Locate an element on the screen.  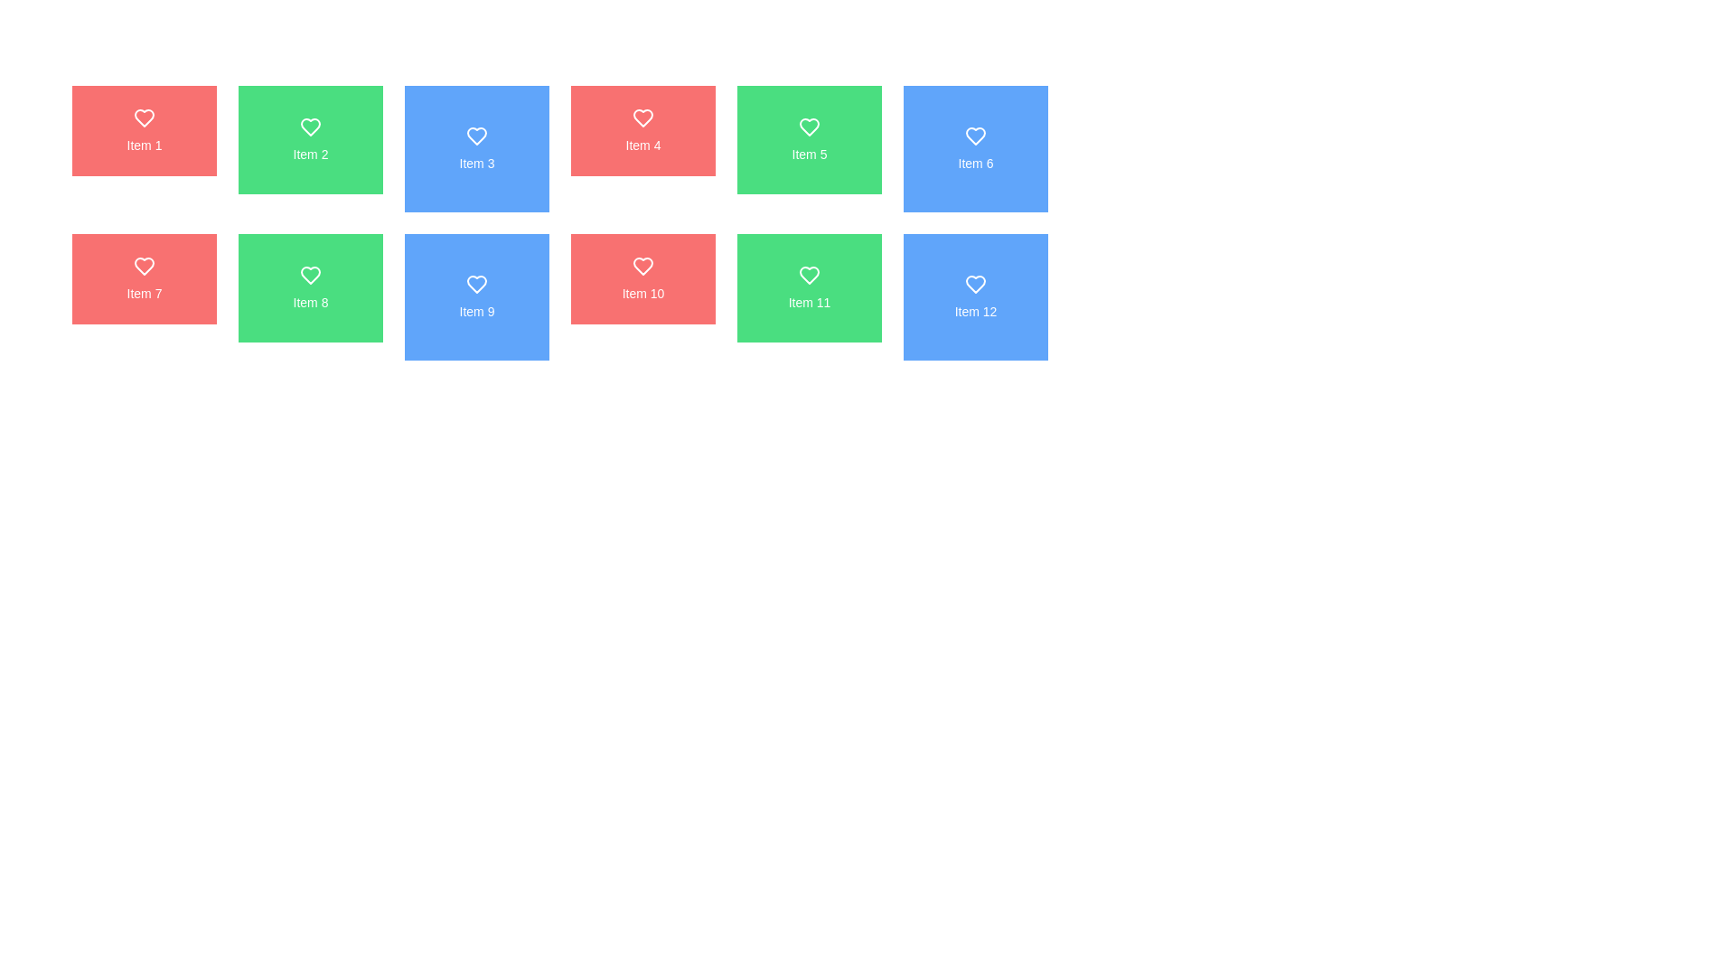
the text label displaying 'Item 10' which is styled in small white font on a bold red background, located in the second row and second column of the grid is located at coordinates (642, 292).